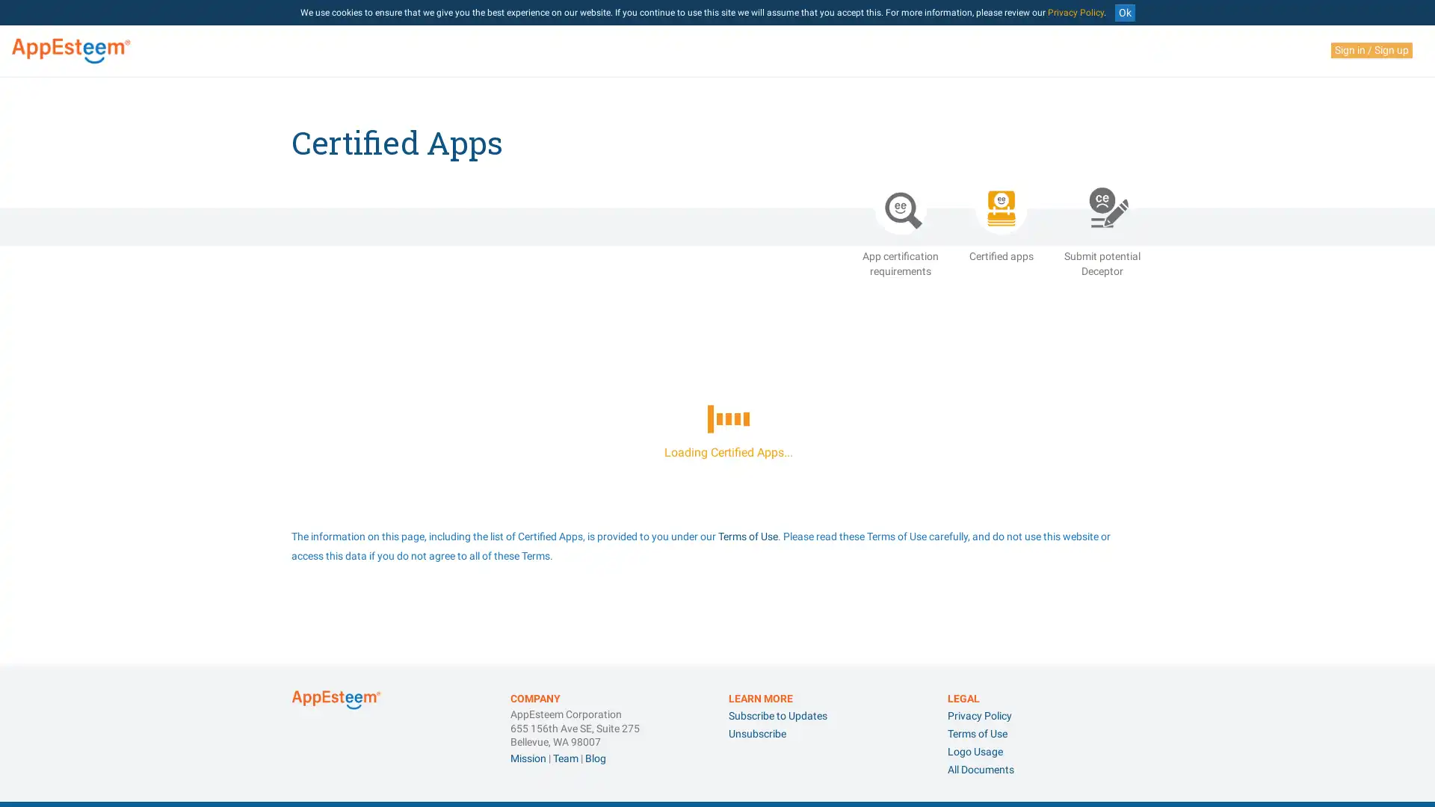 The image size is (1435, 807). What do you see at coordinates (1083, 551) in the screenshot?
I see `1` at bounding box center [1083, 551].